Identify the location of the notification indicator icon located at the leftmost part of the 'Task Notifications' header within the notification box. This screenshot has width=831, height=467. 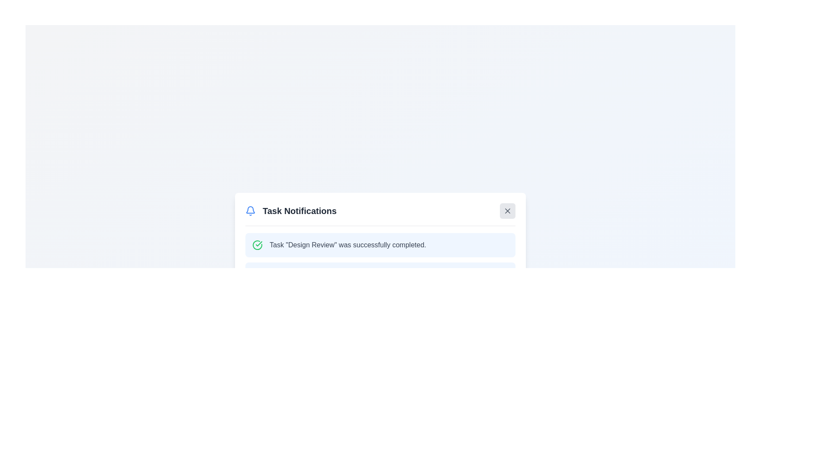
(250, 210).